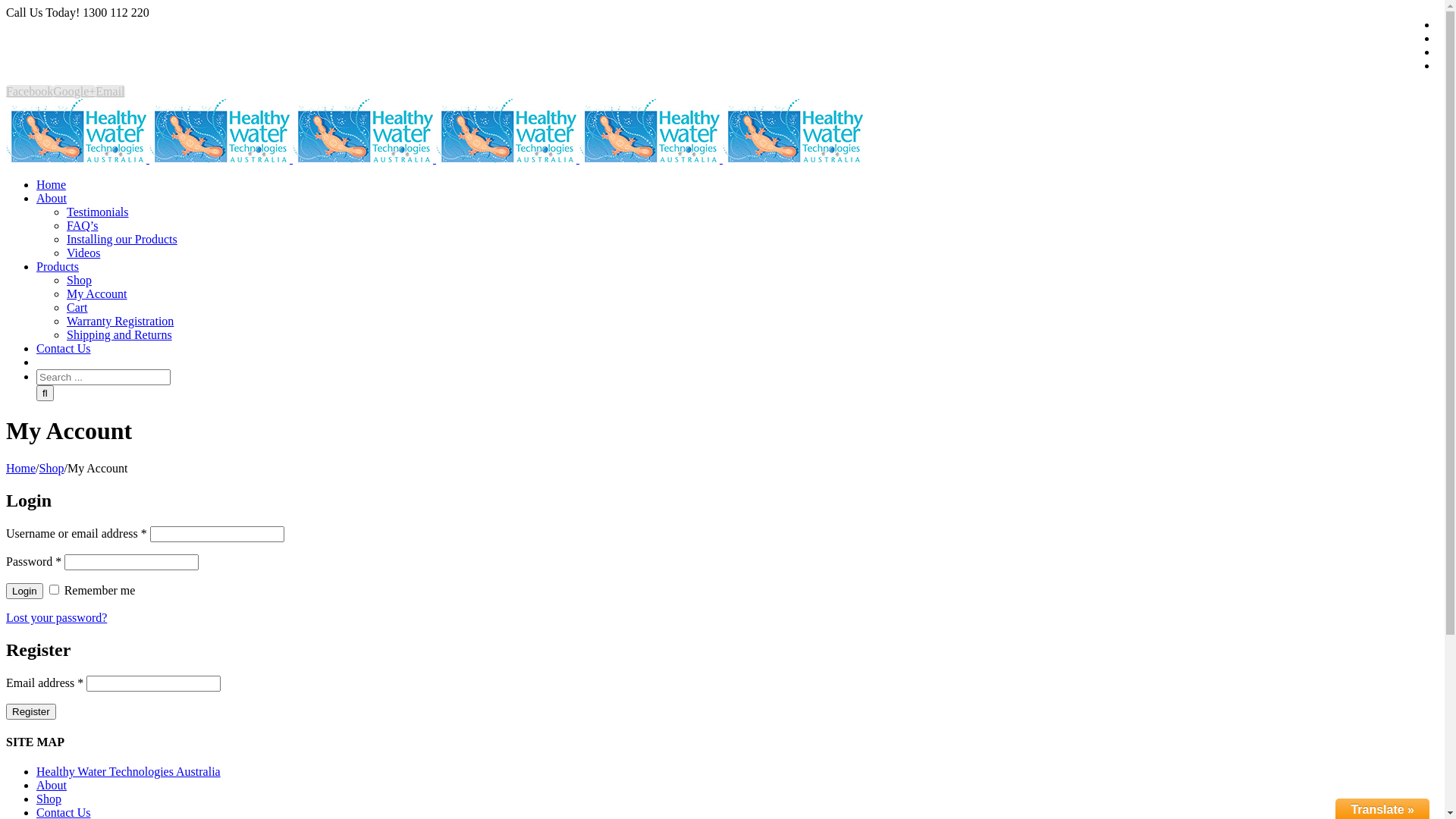 The width and height of the screenshot is (1456, 819). I want to click on 'My Account', so click(96, 293).